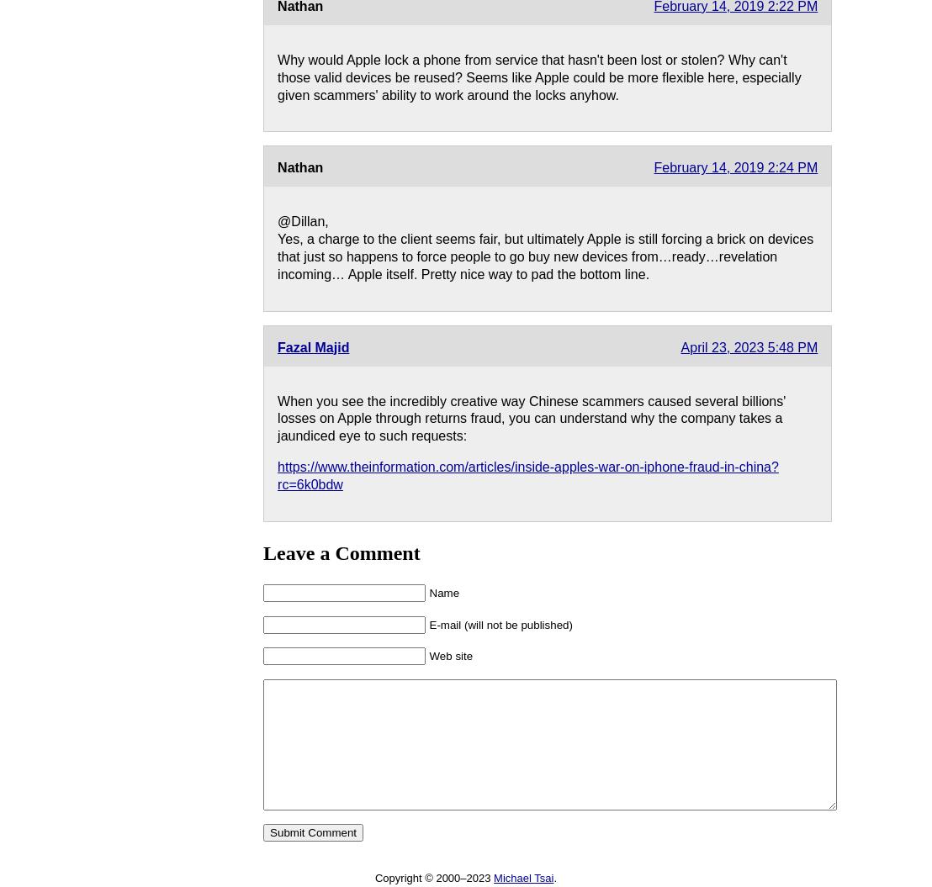 The image size is (932, 887). What do you see at coordinates (450, 655) in the screenshot?
I see `'Web site'` at bounding box center [450, 655].